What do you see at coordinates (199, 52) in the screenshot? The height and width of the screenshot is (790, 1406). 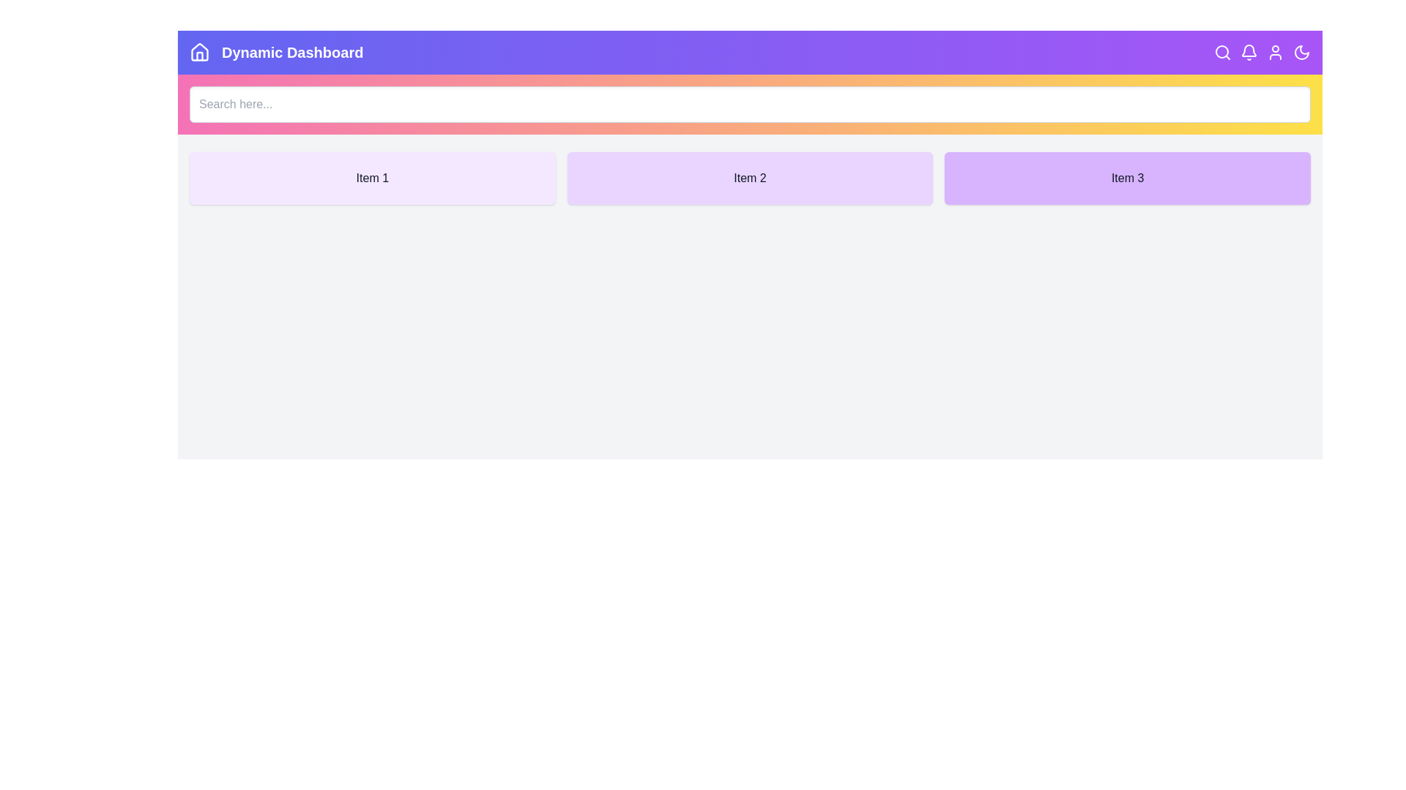 I see `the home icon to navigate to the home page` at bounding box center [199, 52].